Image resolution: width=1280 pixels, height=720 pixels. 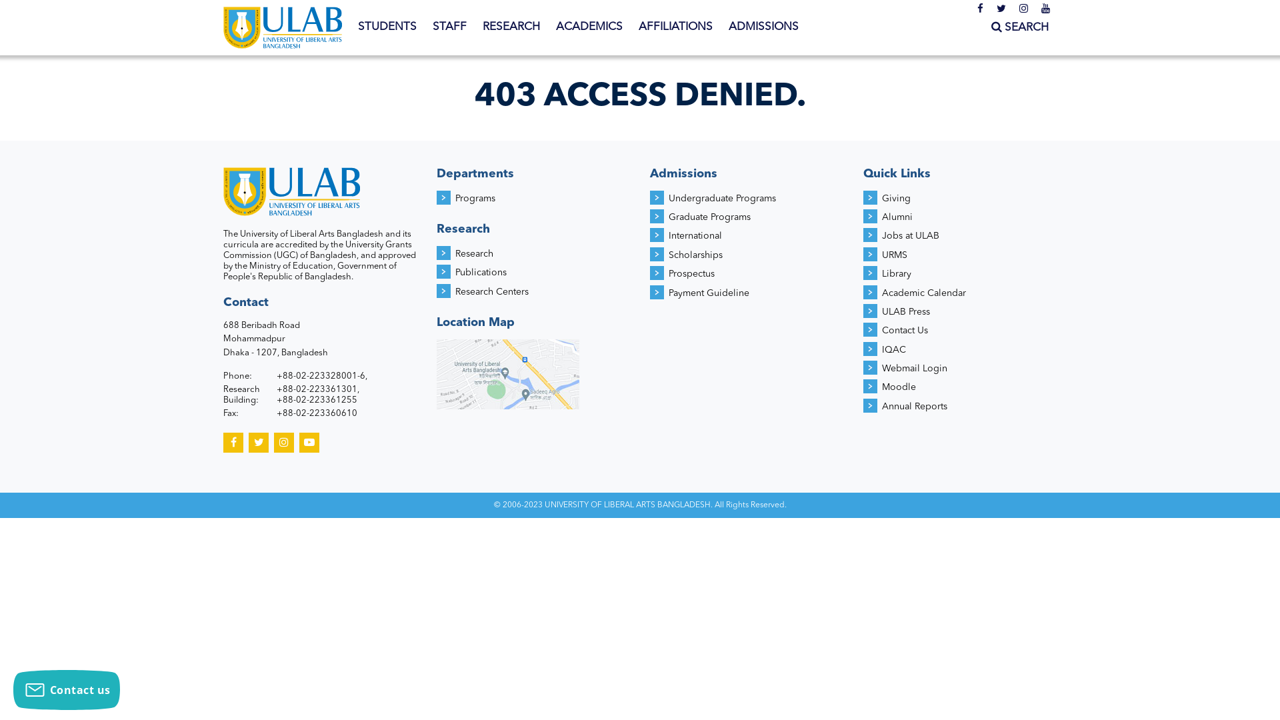 What do you see at coordinates (675, 27) in the screenshot?
I see `'AFFILIATIONS'` at bounding box center [675, 27].